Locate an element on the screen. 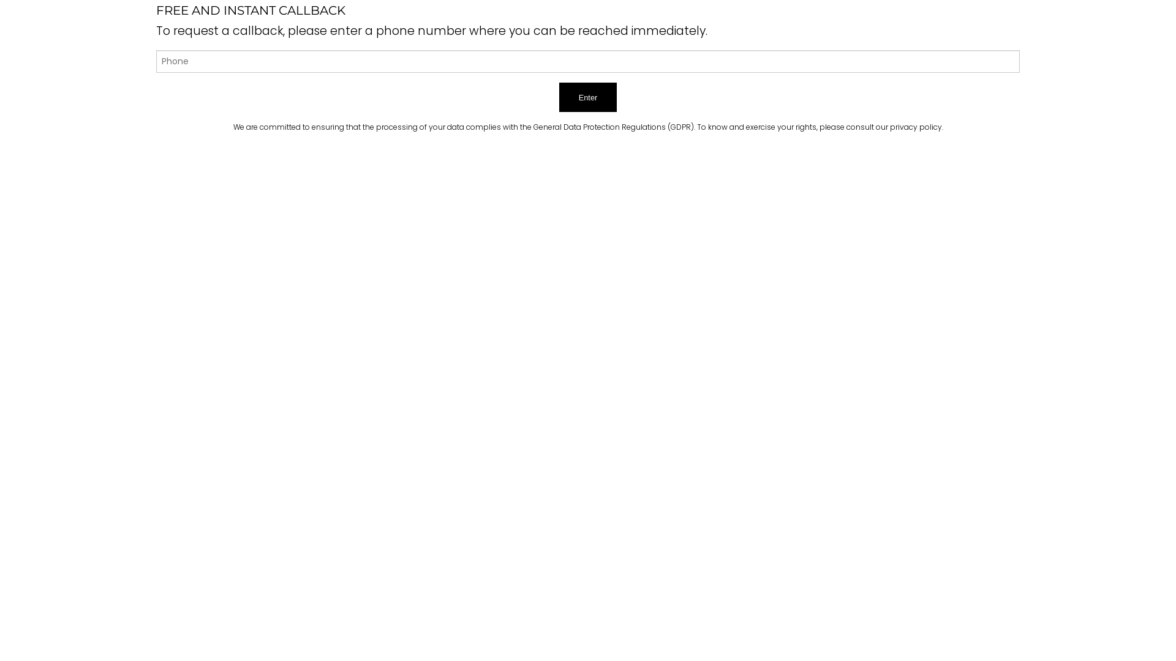 The width and height of the screenshot is (1176, 661). 'Enter' is located at coordinates (558, 96).